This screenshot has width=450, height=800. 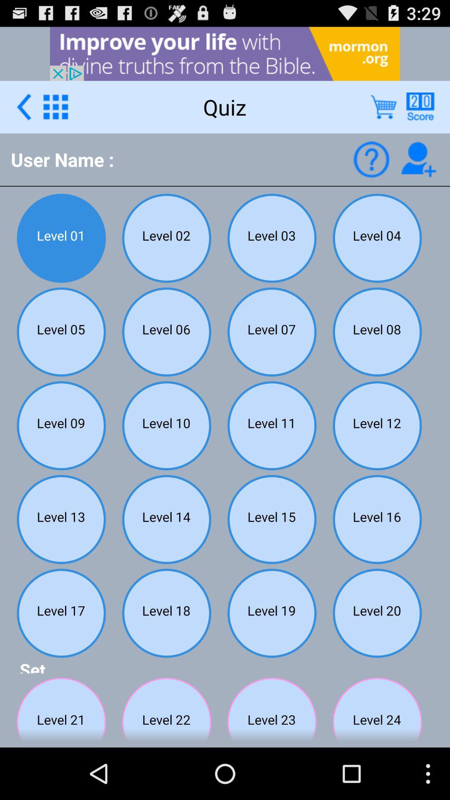 I want to click on the dialpad icon, so click(x=55, y=114).